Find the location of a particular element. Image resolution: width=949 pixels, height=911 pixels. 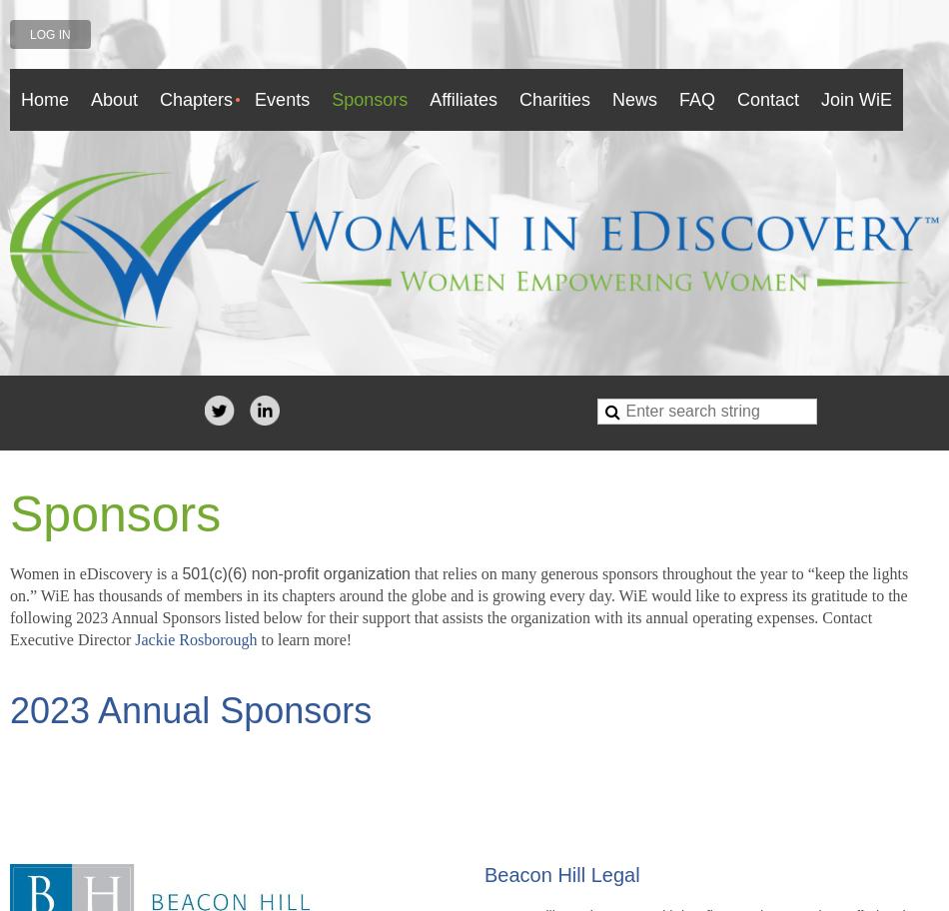

'Women in
 eDiscovery is a' is located at coordinates (96, 571).